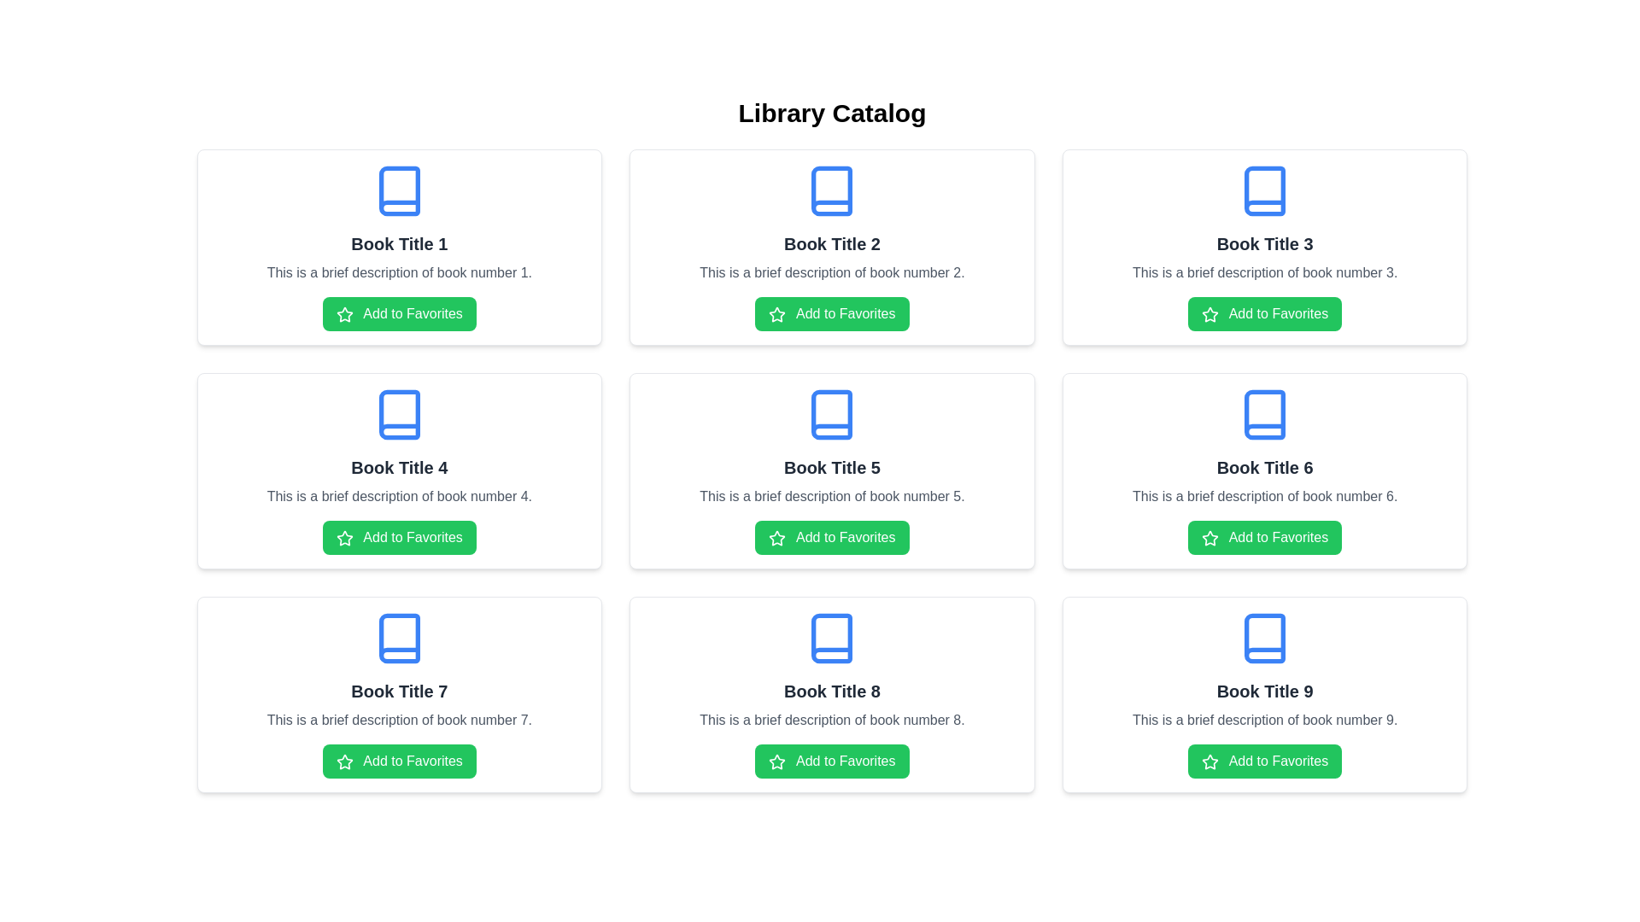 Image resolution: width=1640 pixels, height=922 pixels. I want to click on the title text of the book located in the center of the middle card in the last row of the grid, which is directly below the book icon, so click(398, 691).